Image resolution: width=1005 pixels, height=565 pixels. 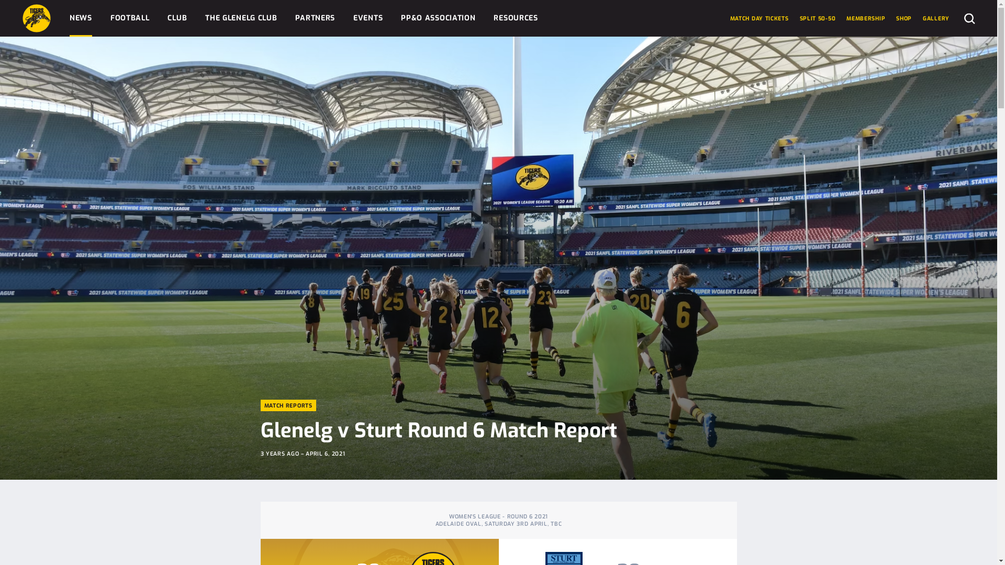 I want to click on 'PP&O ASSOCIATION', so click(x=438, y=18).